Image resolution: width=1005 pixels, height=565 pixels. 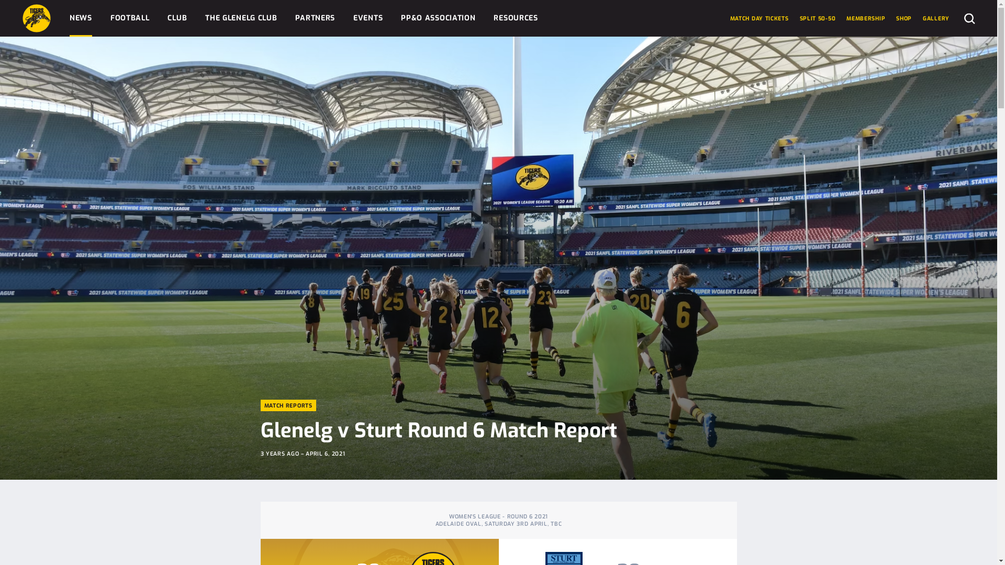 I want to click on 'PP&O ASSOCIATION', so click(x=438, y=18).